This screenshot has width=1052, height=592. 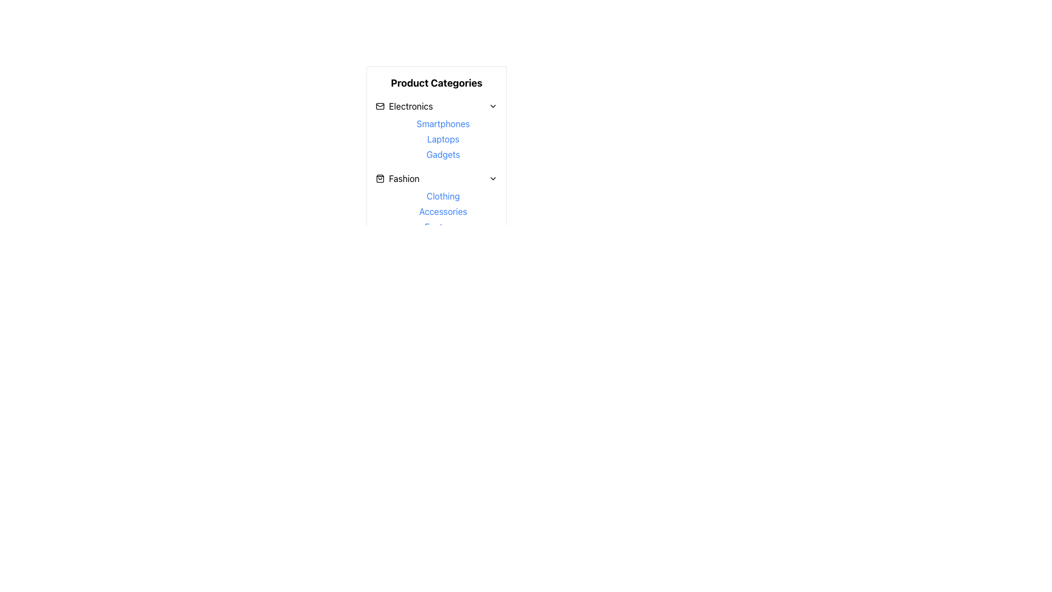 I want to click on the interactive icon, a downwards-facing chevron arrow located in the 'Fashion' category section of the 'Product Categories' menu, so click(x=493, y=178).